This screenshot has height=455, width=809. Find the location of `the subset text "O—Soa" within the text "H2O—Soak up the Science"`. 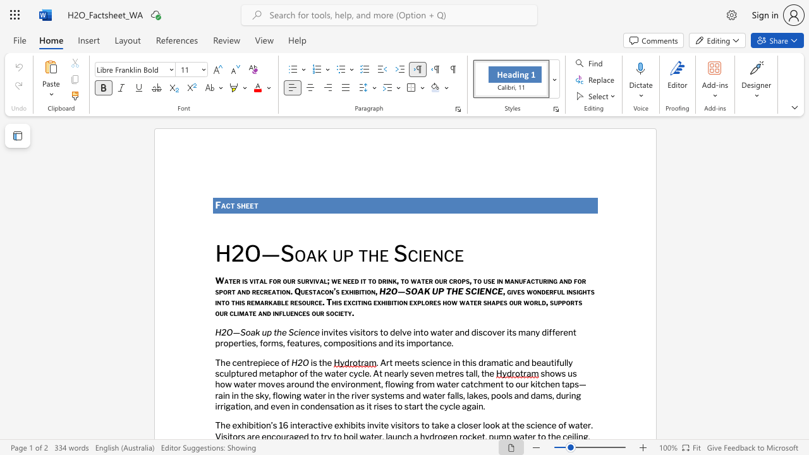

the subset text "O—Soa" within the text "H2O—Soak up the Science" is located at coordinates (244, 254).